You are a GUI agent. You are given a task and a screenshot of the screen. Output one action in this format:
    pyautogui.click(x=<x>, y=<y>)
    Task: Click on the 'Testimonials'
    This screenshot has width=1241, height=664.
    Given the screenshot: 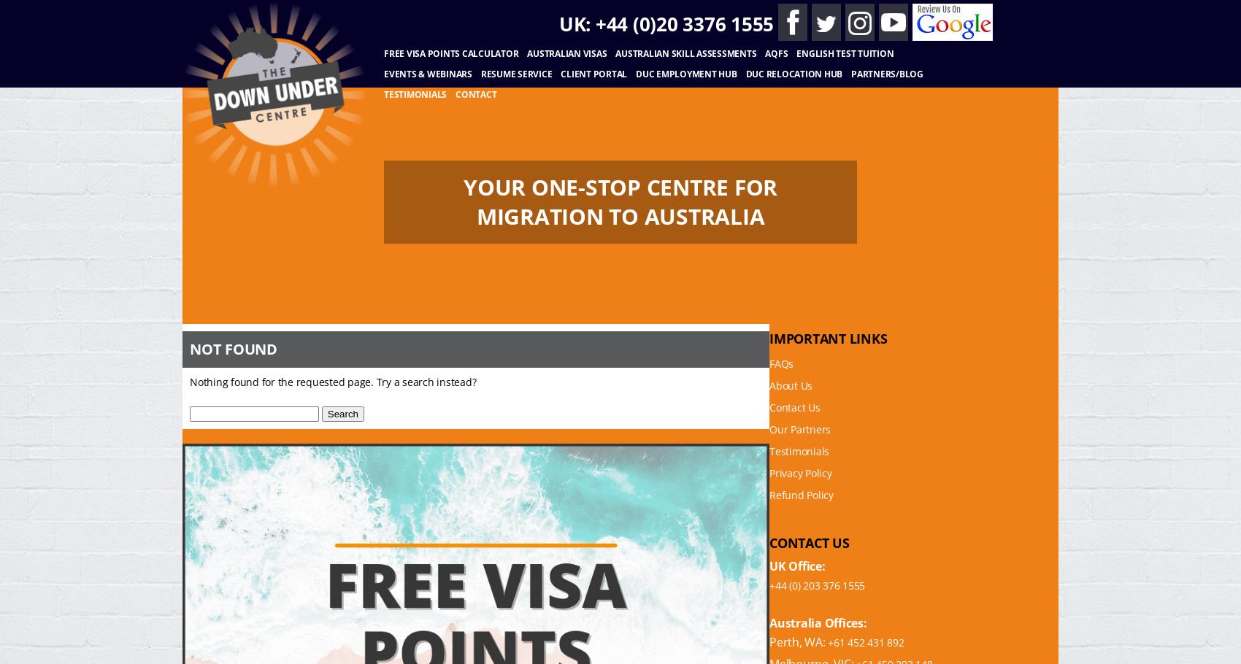 What is the action you would take?
    pyautogui.click(x=799, y=451)
    